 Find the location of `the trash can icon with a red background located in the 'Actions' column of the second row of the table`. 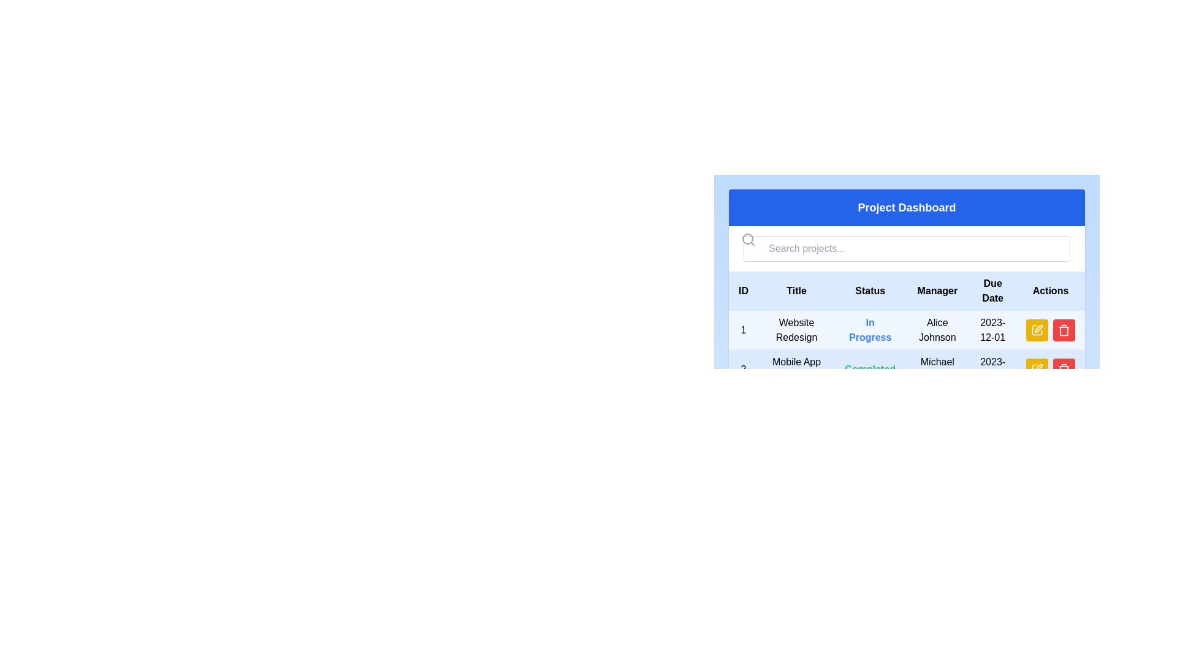

the trash can icon with a red background located in the 'Actions' column of the second row of the table is located at coordinates (1064, 330).